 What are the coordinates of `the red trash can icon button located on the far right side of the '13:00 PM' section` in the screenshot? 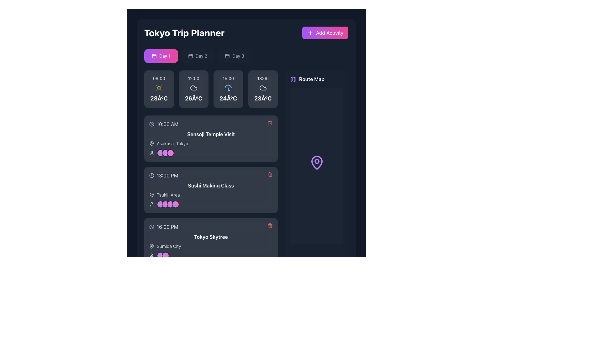 It's located at (270, 174).